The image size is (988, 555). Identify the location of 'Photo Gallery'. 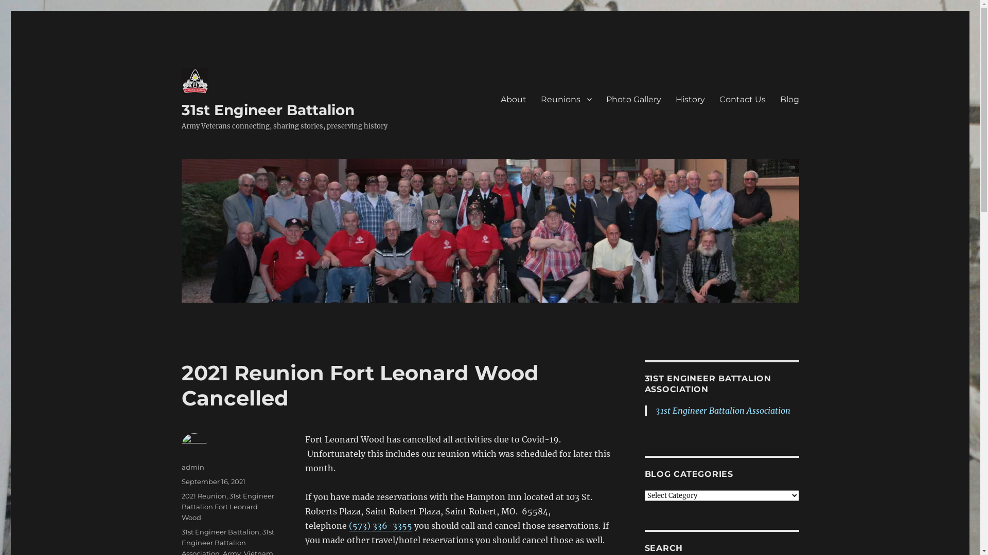
(633, 99).